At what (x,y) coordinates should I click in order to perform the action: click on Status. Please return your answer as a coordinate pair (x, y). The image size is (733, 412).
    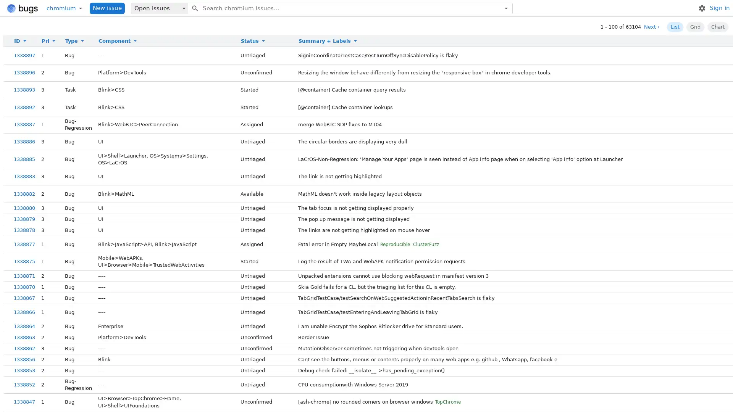
    Looking at the image, I should click on (254, 41).